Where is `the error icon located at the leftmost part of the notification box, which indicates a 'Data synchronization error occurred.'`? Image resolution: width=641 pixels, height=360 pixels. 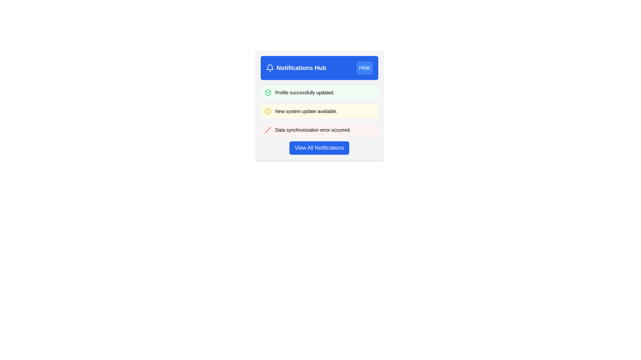 the error icon located at the leftmost part of the notification box, which indicates a 'Data synchronization error occurred.' is located at coordinates (268, 130).